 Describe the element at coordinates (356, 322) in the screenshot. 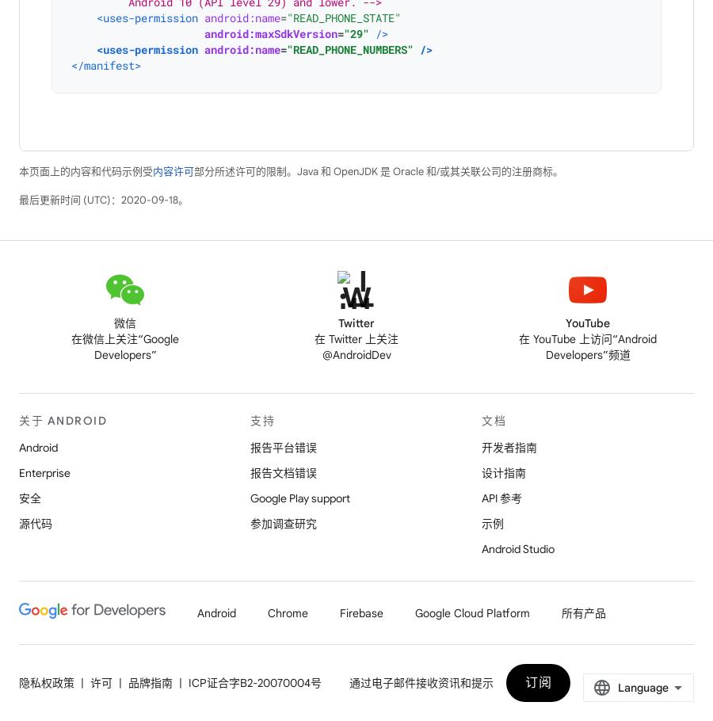

I see `'Twitter'` at that location.